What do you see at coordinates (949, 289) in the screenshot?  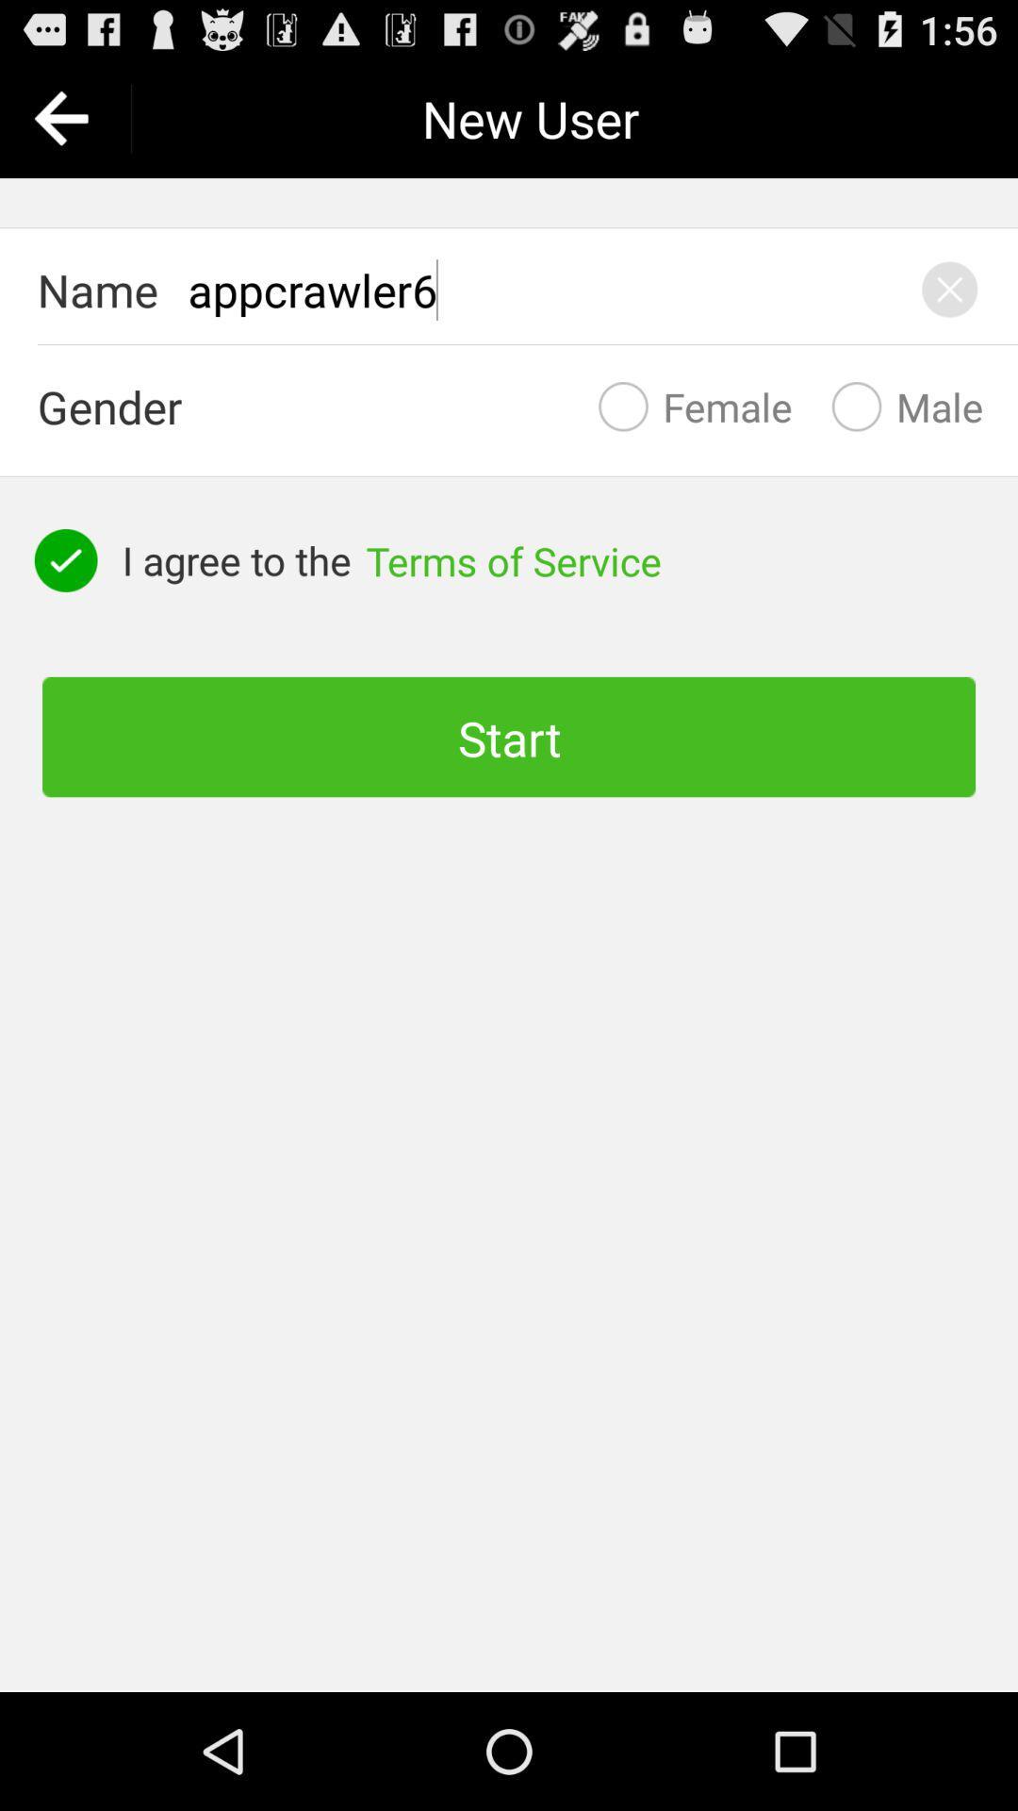 I see `screen` at bounding box center [949, 289].